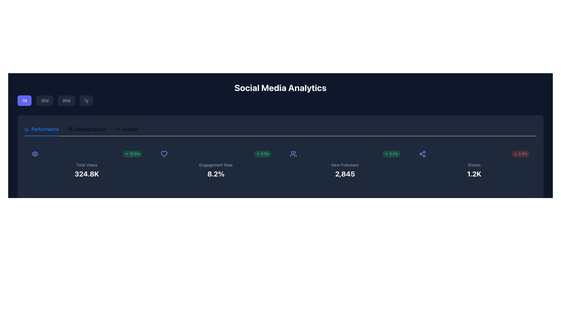 Image resolution: width=561 pixels, height=315 pixels. What do you see at coordinates (345, 174) in the screenshot?
I see `the text label displaying '2,845' in bold white font, located in the card labeled 'New Followers' in the fourth position among data cards` at bounding box center [345, 174].